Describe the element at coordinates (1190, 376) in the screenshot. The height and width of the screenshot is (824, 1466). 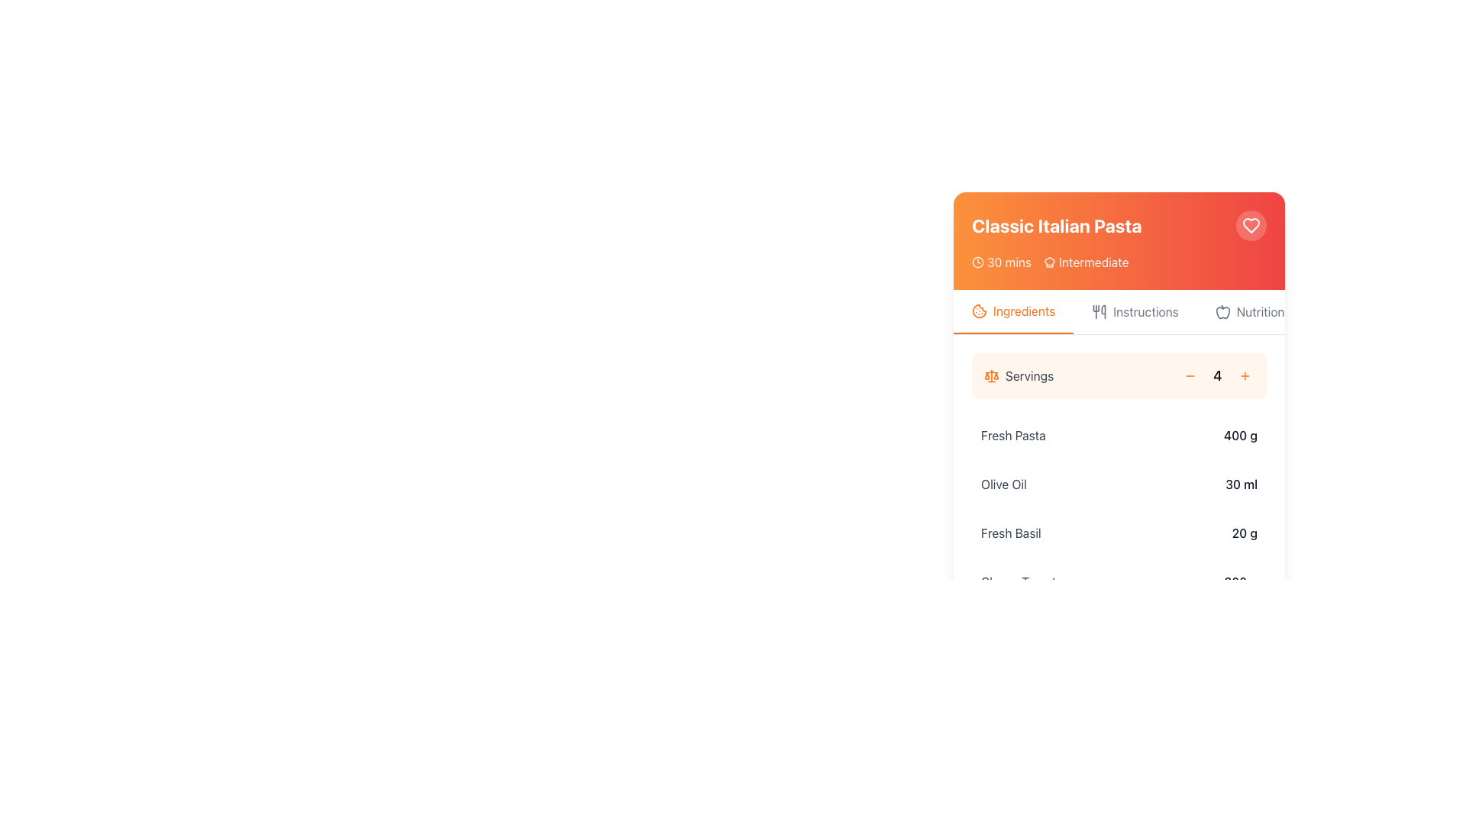
I see `the '-' button located in the 'Servings' section to decrease the displayed serving count` at that location.